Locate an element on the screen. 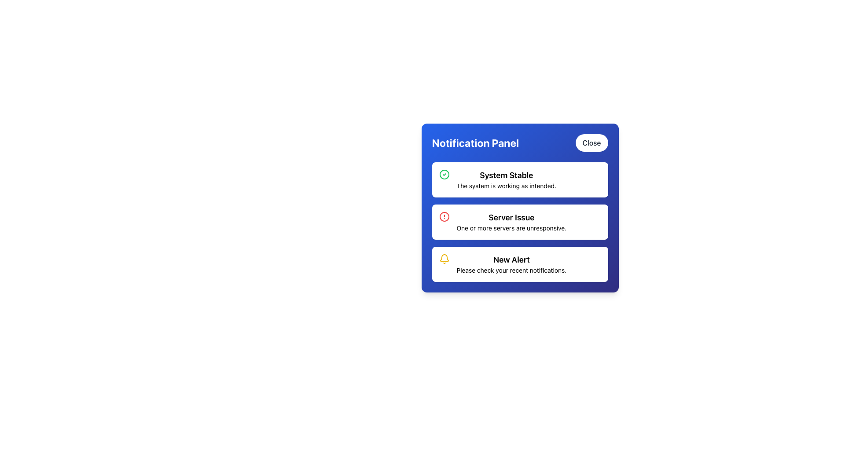 The image size is (845, 475). the text label that informs the user about the current server issue, located directly beneath the 'Server Issue' heading in the notification panel is located at coordinates (511, 228).